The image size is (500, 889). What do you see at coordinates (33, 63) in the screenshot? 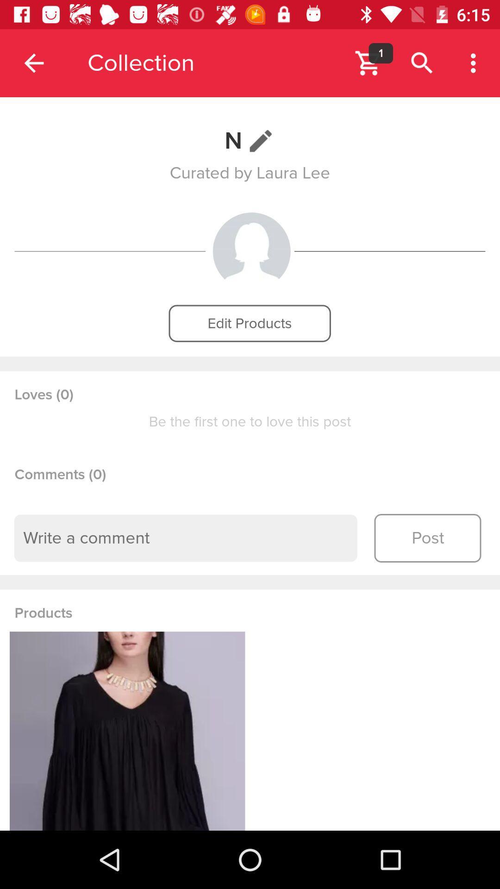
I see `the item to the left of the collection` at bounding box center [33, 63].